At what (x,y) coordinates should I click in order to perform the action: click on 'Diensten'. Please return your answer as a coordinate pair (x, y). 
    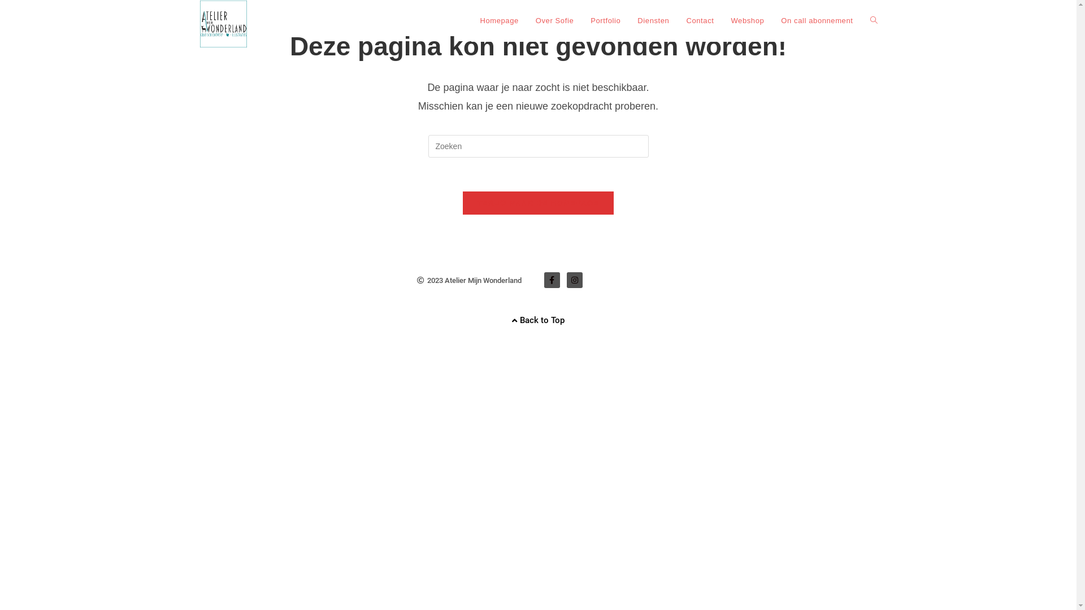
    Looking at the image, I should click on (653, 21).